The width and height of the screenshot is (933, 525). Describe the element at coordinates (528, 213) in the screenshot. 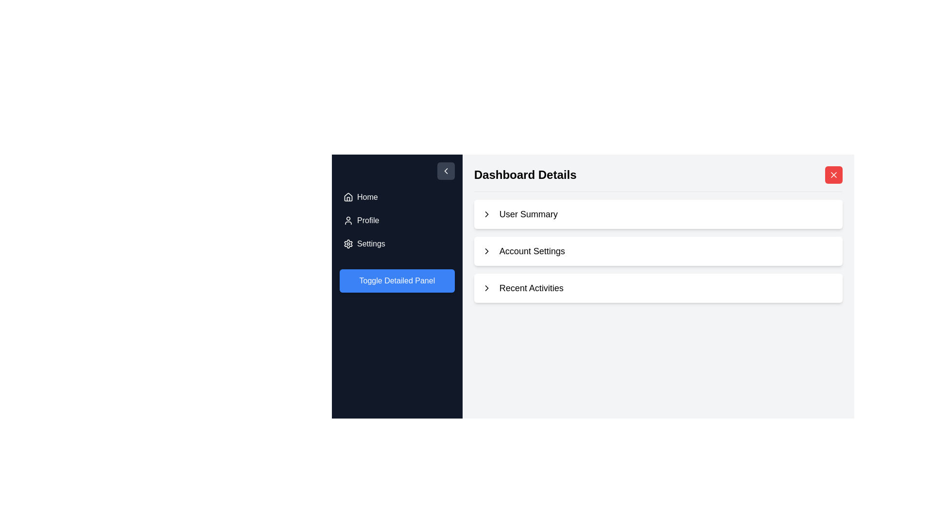

I see `the 'User Summary' text label, which is styled as a section title and is part of a grouping with a chevron icon on its left, located in a white card with rounded corners` at that location.